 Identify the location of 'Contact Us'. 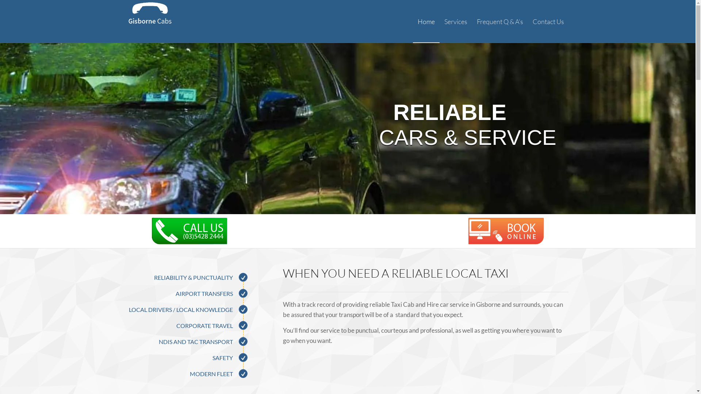
(528, 21).